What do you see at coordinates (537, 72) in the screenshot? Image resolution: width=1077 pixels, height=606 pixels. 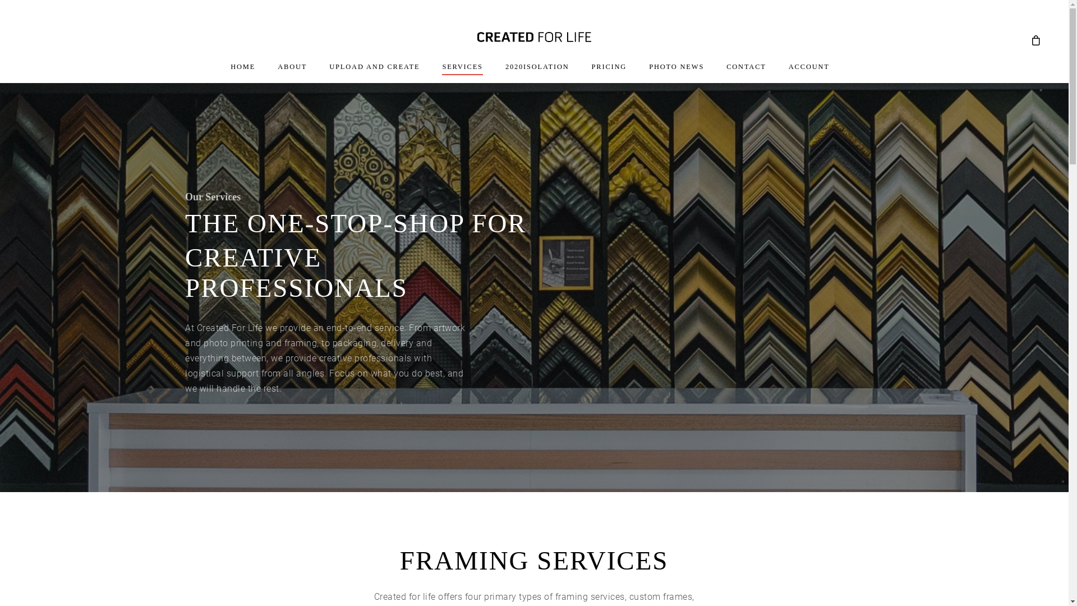 I see `'2020ISOLATION'` at bounding box center [537, 72].